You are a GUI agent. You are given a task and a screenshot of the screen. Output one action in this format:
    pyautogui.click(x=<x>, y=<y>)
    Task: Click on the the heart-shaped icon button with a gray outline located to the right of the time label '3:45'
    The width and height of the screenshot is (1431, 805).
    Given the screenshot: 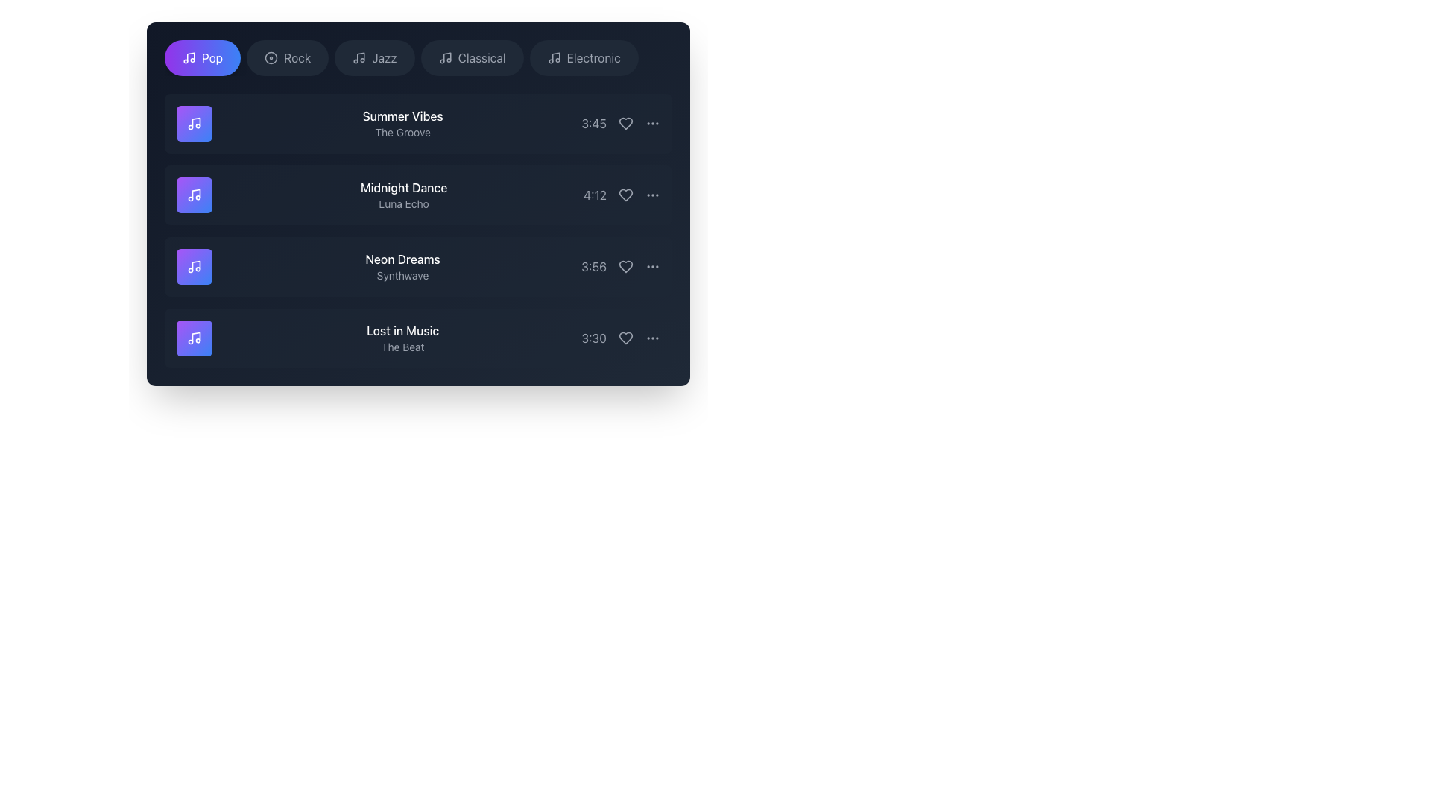 What is the action you would take?
    pyautogui.click(x=626, y=122)
    